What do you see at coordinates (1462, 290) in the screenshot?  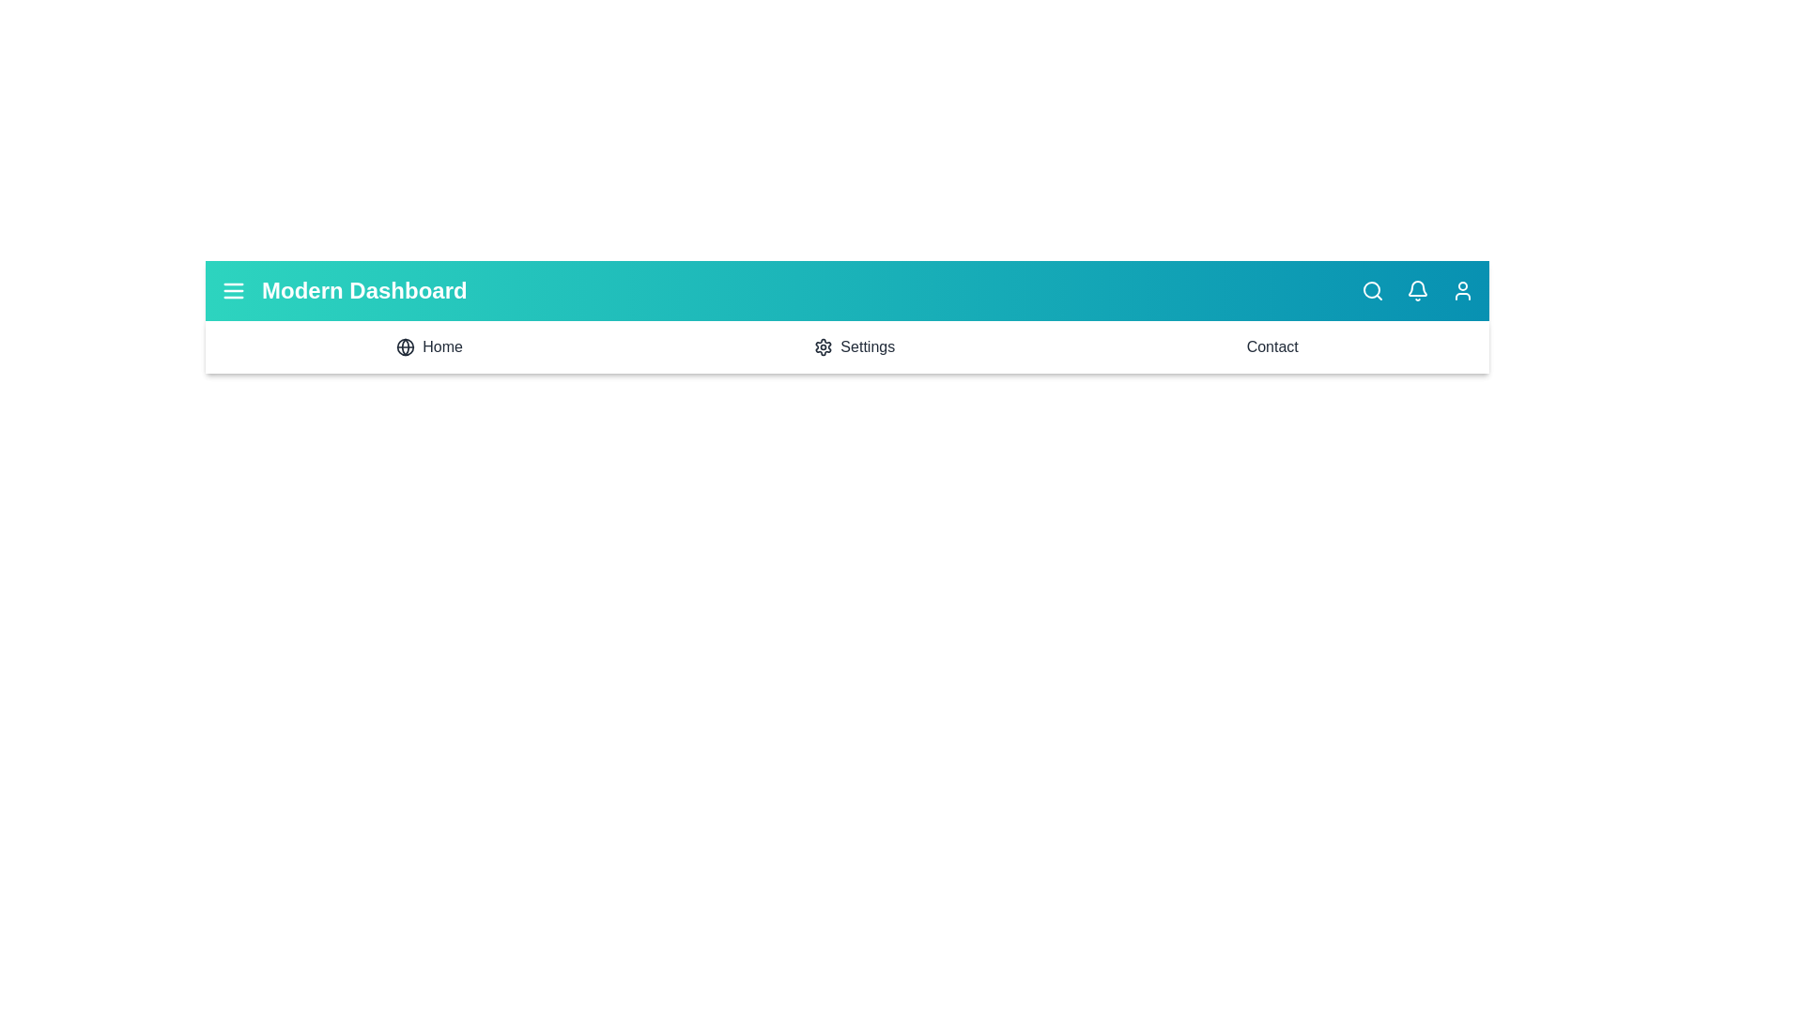 I see `the user profile icon` at bounding box center [1462, 290].